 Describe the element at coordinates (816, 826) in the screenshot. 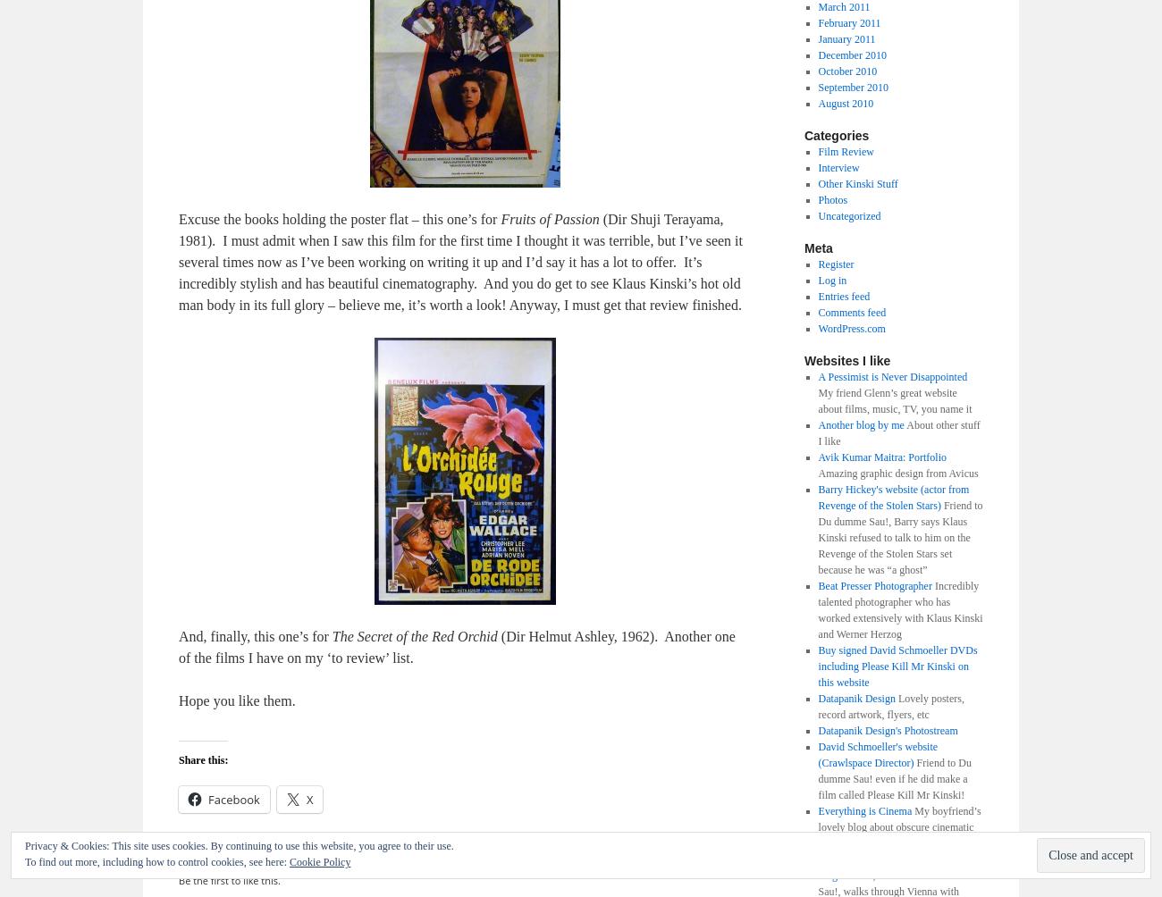

I see `'My boyfriend’s lovely blog about obscure cinematic treats. I will make sure he updates it!'` at that location.